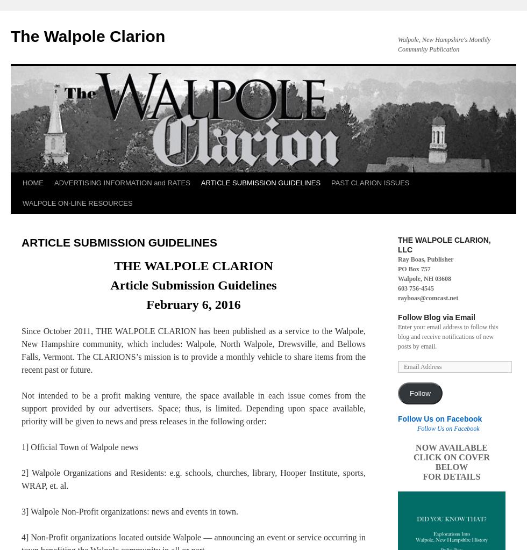 The height and width of the screenshot is (550, 527). What do you see at coordinates (414, 269) in the screenshot?
I see `'PO Box 757'` at bounding box center [414, 269].